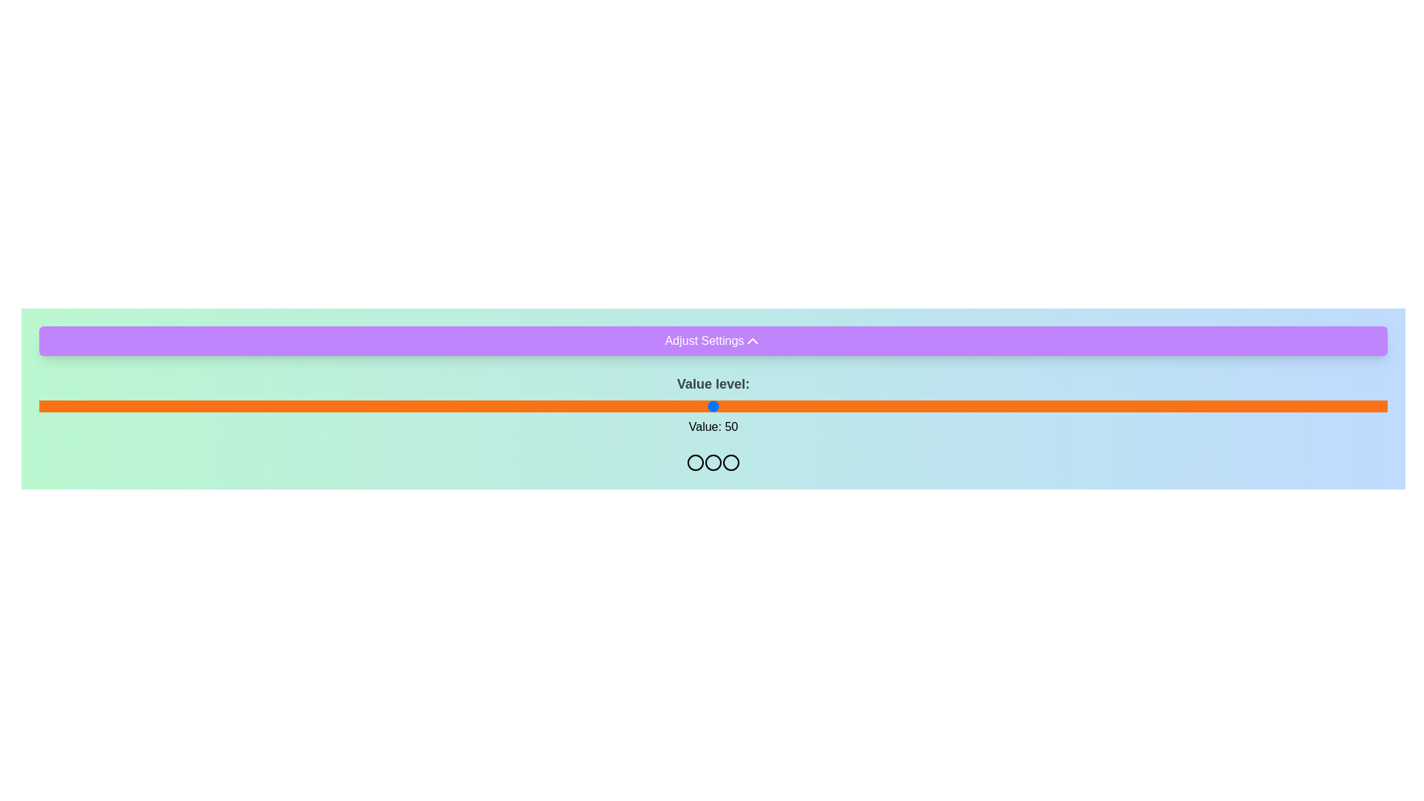 The image size is (1424, 801). Describe the element at coordinates (605, 406) in the screenshot. I see `the slider to set the value to 42` at that location.